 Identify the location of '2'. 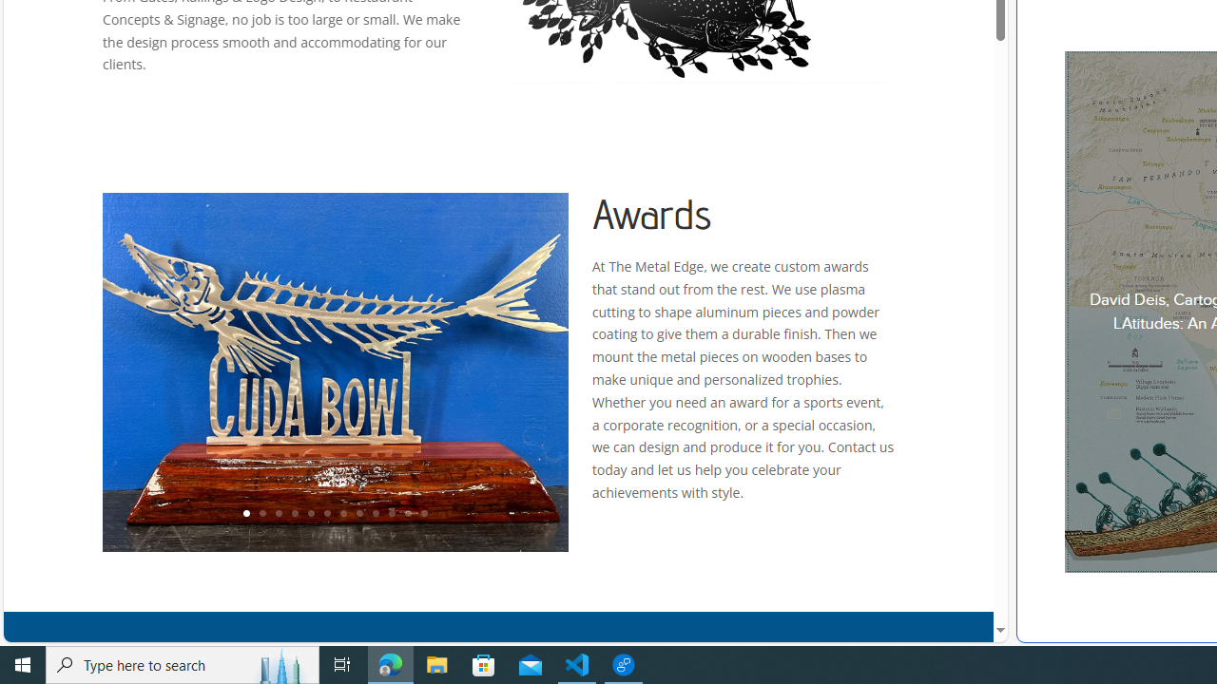
(261, 514).